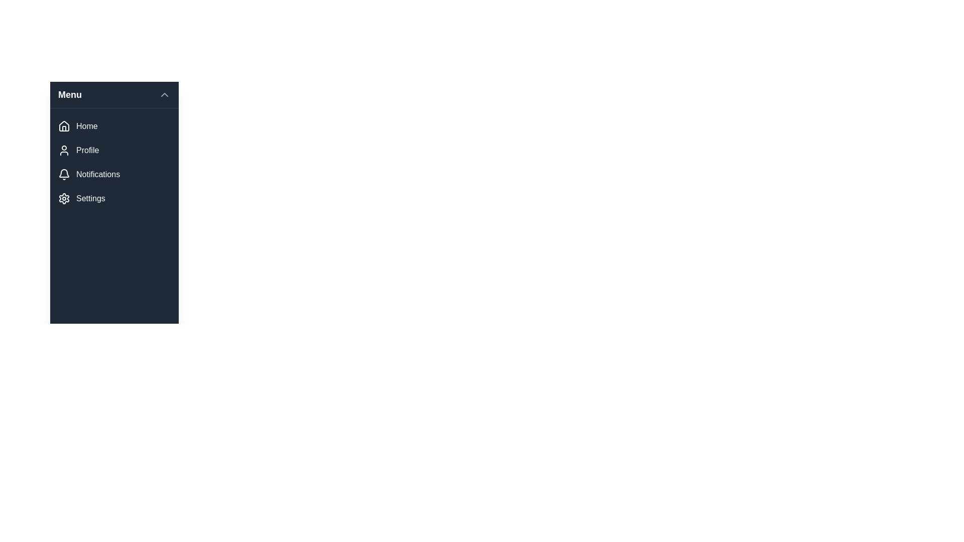 This screenshot has width=964, height=542. What do you see at coordinates (114, 125) in the screenshot?
I see `the navigational button located at the top of the vertical menu list` at bounding box center [114, 125].